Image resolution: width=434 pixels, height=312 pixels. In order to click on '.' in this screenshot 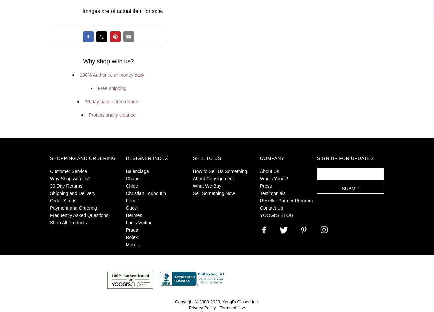, I will do `click(50, 149)`.